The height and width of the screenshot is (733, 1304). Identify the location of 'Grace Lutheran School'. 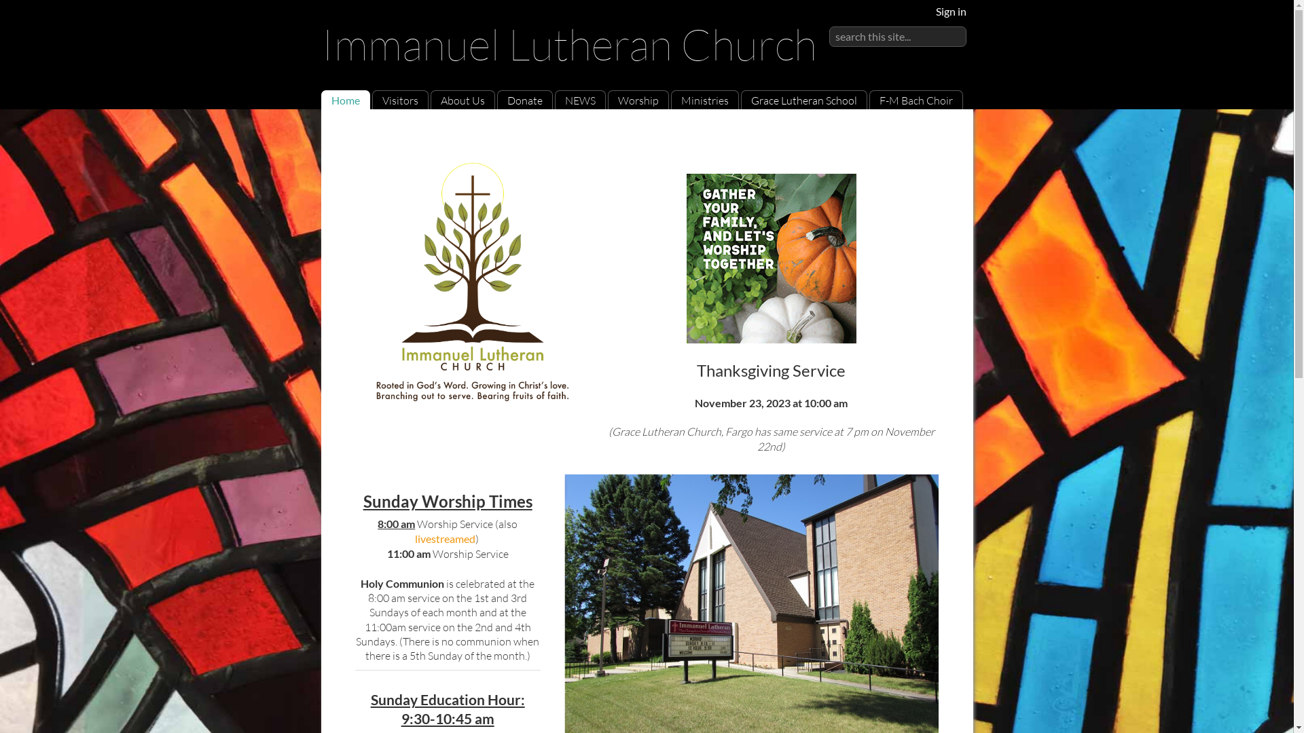
(750, 99).